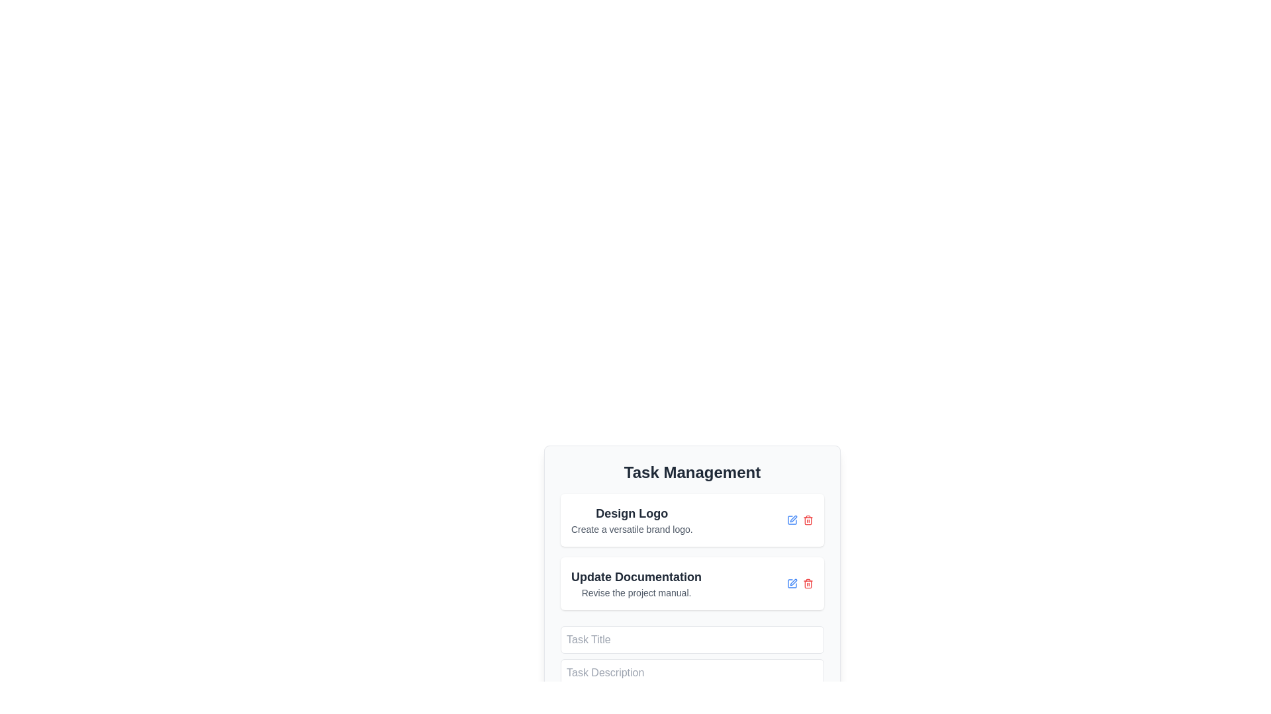 This screenshot has width=1271, height=714. Describe the element at coordinates (692, 680) in the screenshot. I see `the 'Task Description' input field to focus and start typing` at that location.